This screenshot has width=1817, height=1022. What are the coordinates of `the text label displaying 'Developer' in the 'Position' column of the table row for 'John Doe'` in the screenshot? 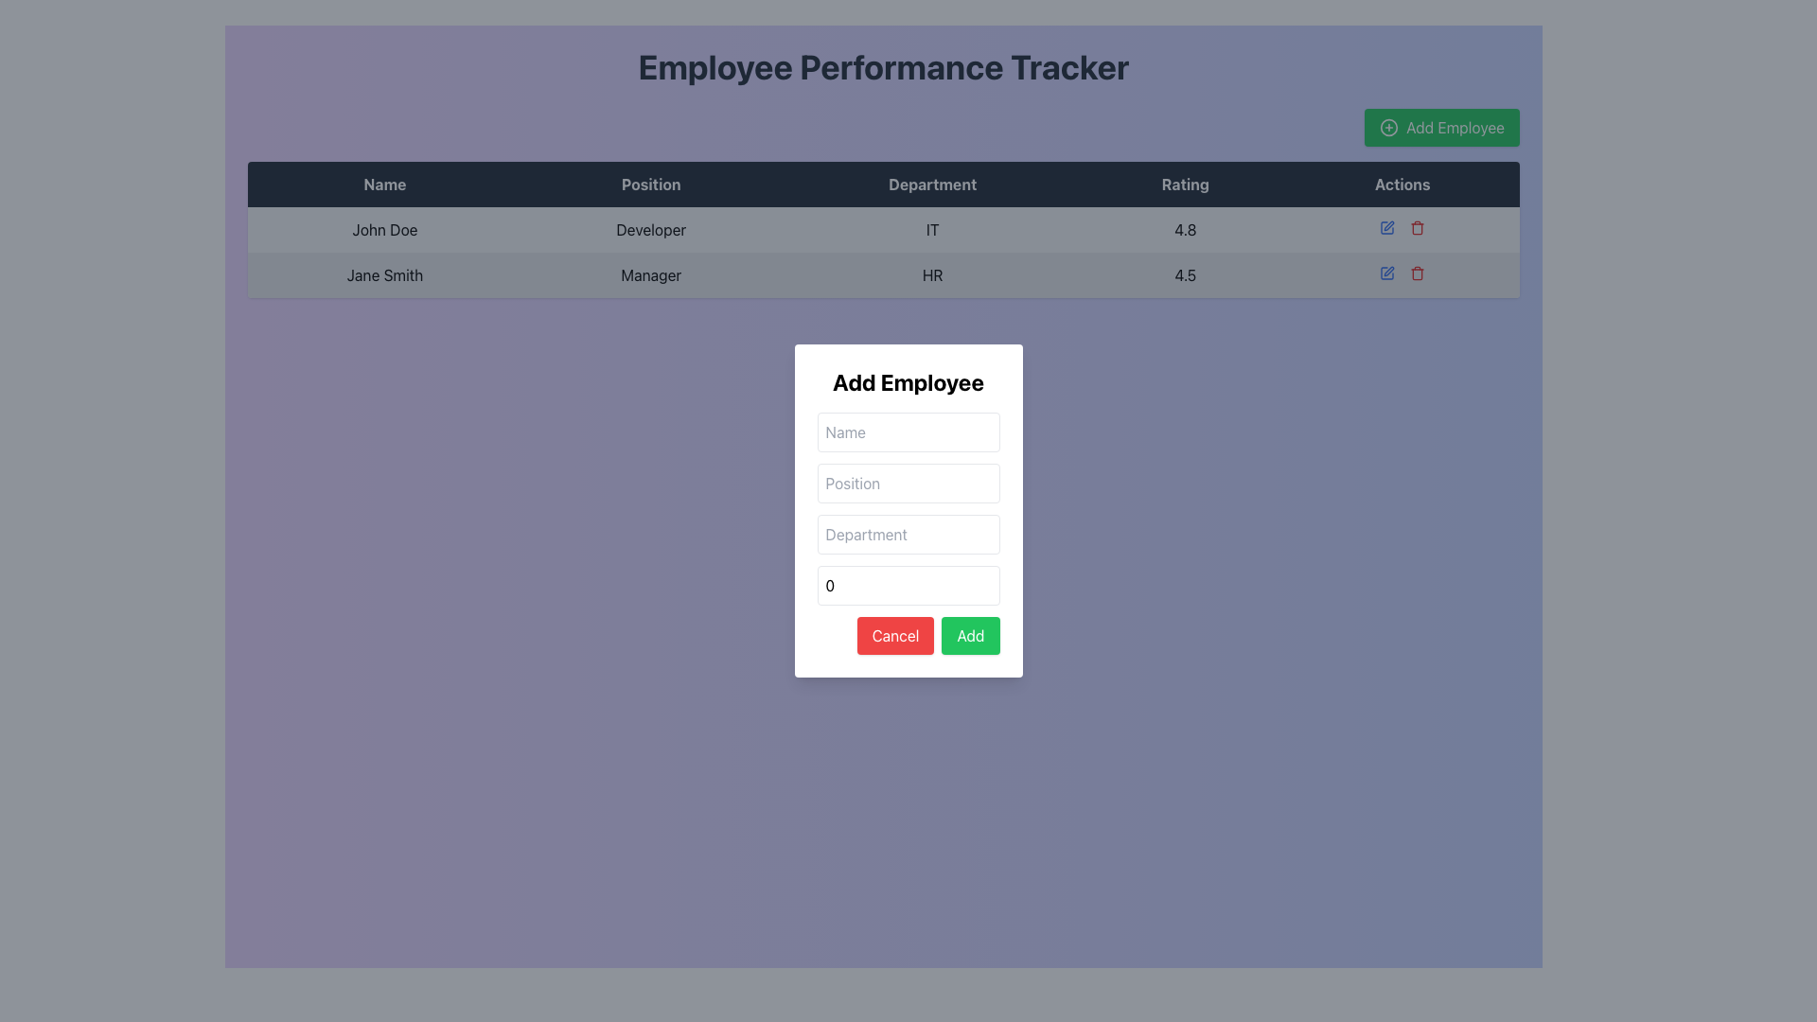 It's located at (651, 229).